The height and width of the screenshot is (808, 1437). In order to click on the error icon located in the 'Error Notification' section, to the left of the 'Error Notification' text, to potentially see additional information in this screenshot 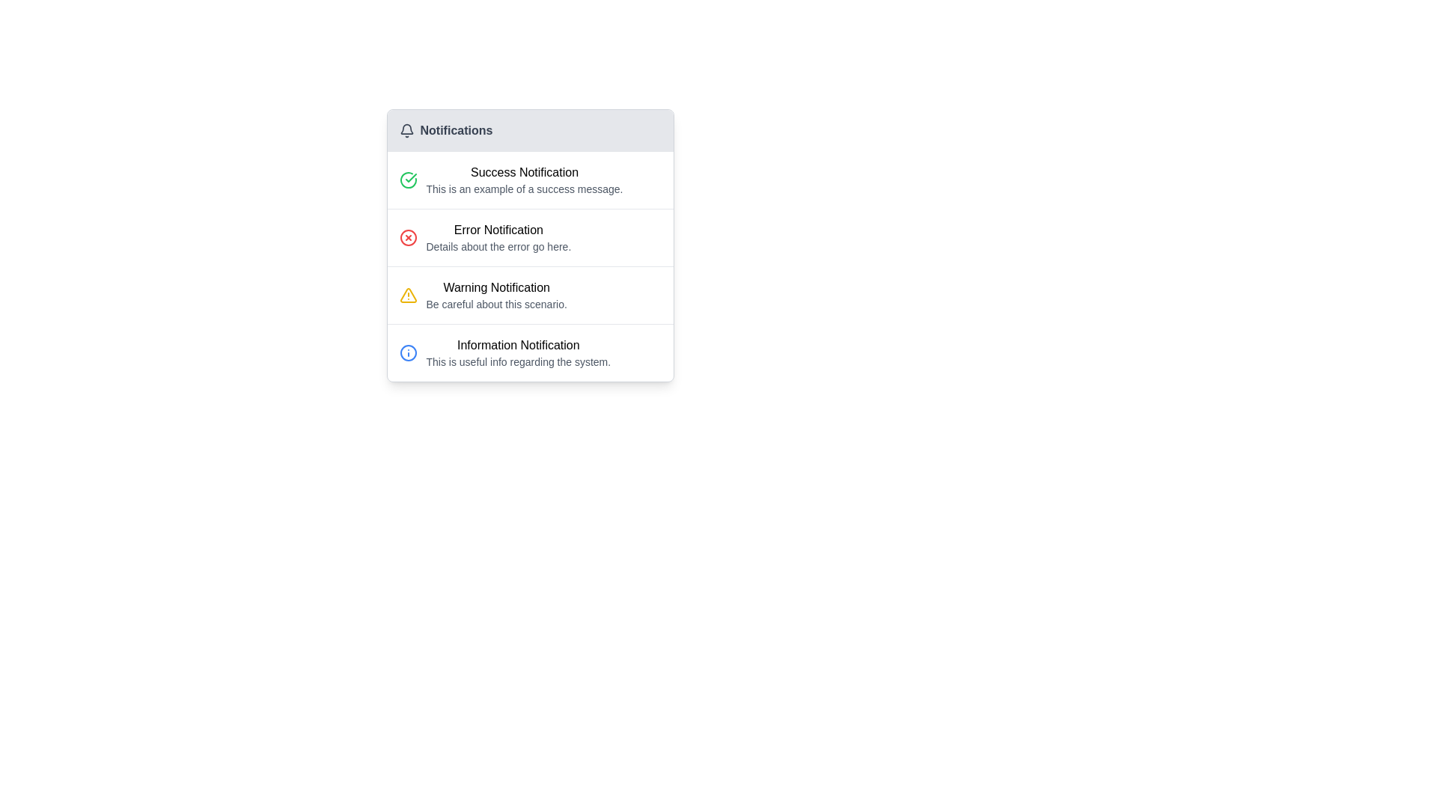, I will do `click(408, 236)`.